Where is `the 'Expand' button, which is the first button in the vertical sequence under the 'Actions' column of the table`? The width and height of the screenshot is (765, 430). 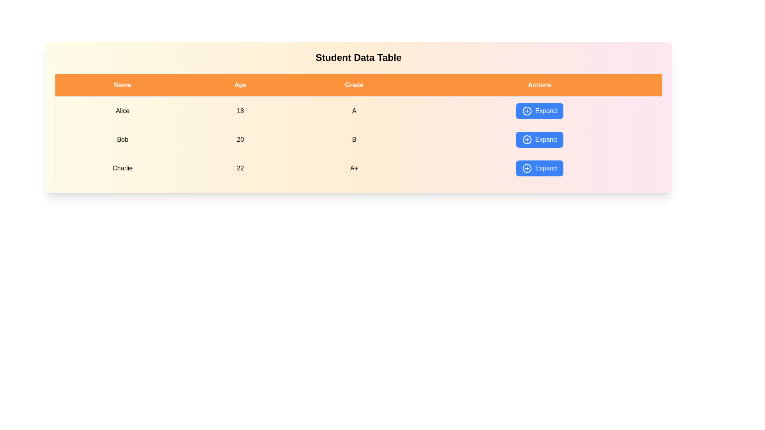
the 'Expand' button, which is the first button in the vertical sequence under the 'Actions' column of the table is located at coordinates (539, 111).